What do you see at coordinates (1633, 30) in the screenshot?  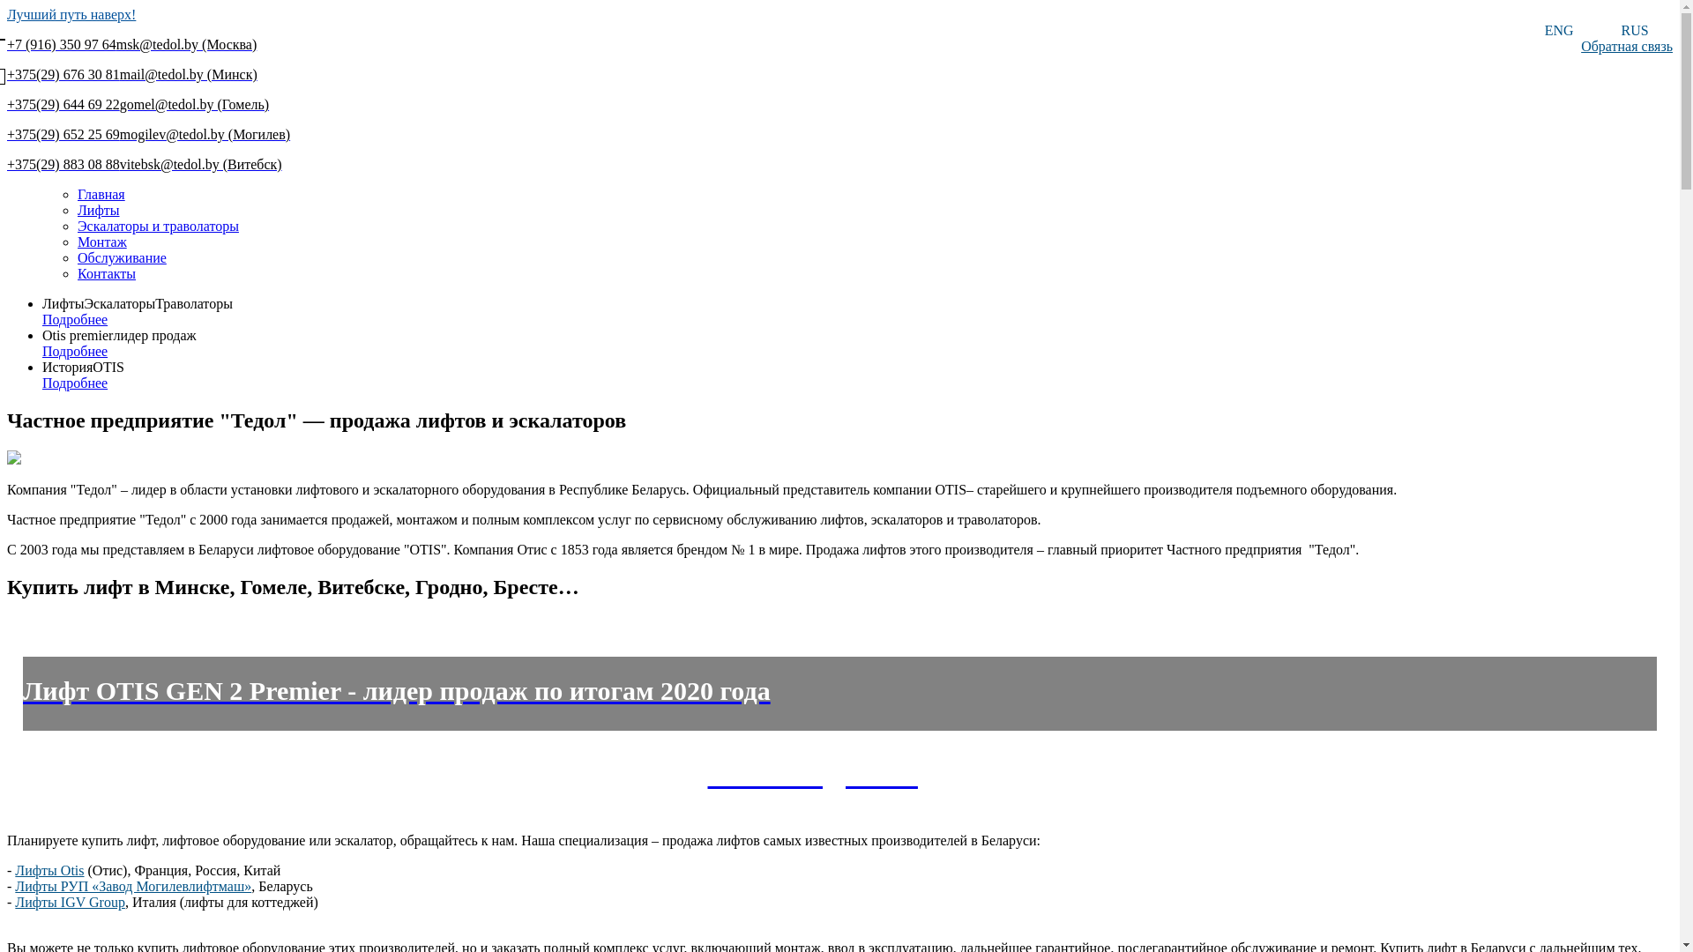 I see `'RUS'` at bounding box center [1633, 30].